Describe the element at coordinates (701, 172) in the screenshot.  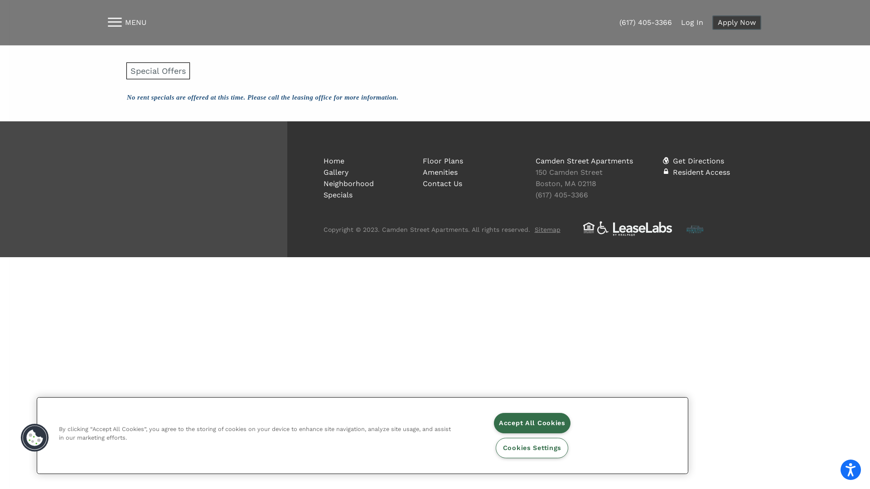
I see `'Resident Access'` at that location.